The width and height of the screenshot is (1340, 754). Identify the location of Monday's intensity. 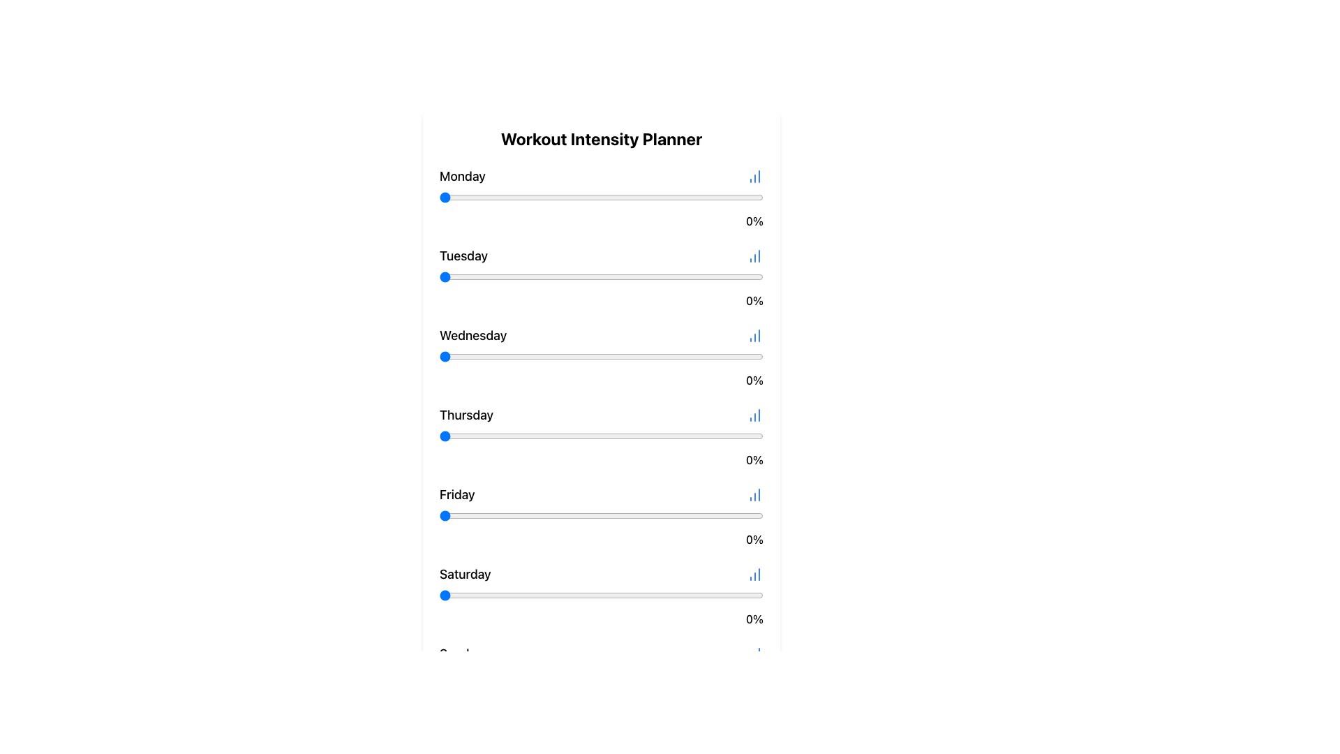
(633, 197).